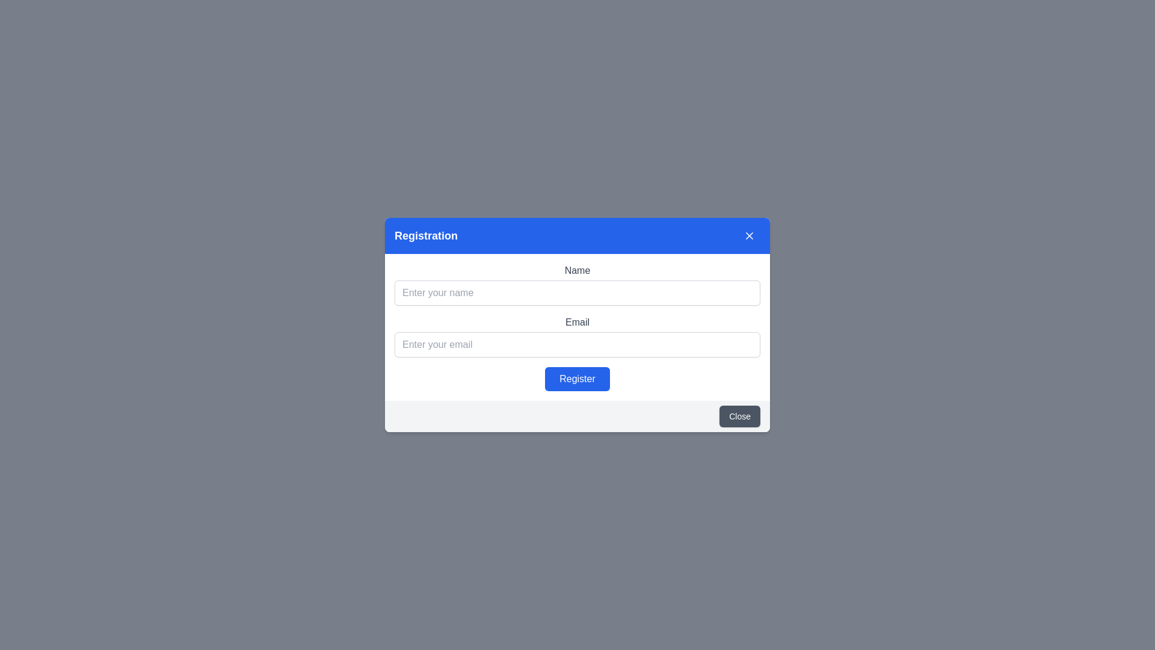 Image resolution: width=1155 pixels, height=650 pixels. Describe the element at coordinates (426, 236) in the screenshot. I see `the Text label that serves as a section title or heading at the top left of the blue header section, which precedes the 'Close' button` at that location.